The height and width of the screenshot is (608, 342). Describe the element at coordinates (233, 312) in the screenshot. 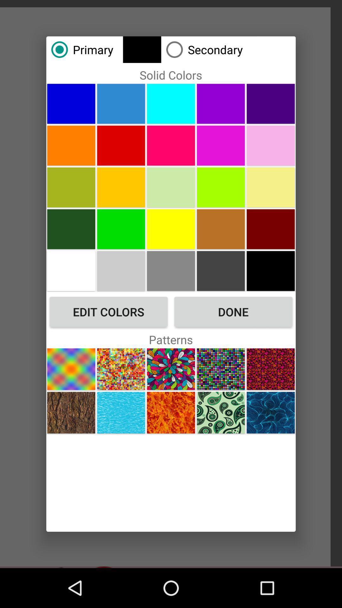

I see `the item next to edit colors button` at that location.